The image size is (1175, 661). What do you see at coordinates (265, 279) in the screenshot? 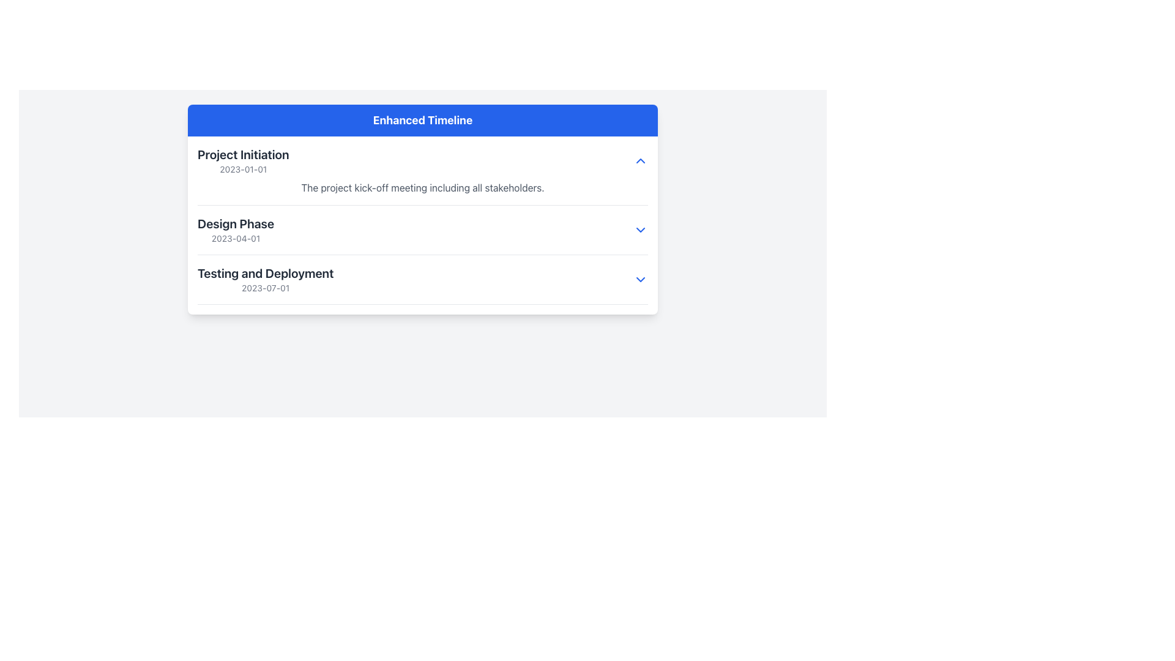
I see `text displayed in the text block element titled 'Testing and Deployment', which contains two lines: the first line in bold states 'Testing and Deployment', and the second line shows the date '2023-07-01'` at bounding box center [265, 279].